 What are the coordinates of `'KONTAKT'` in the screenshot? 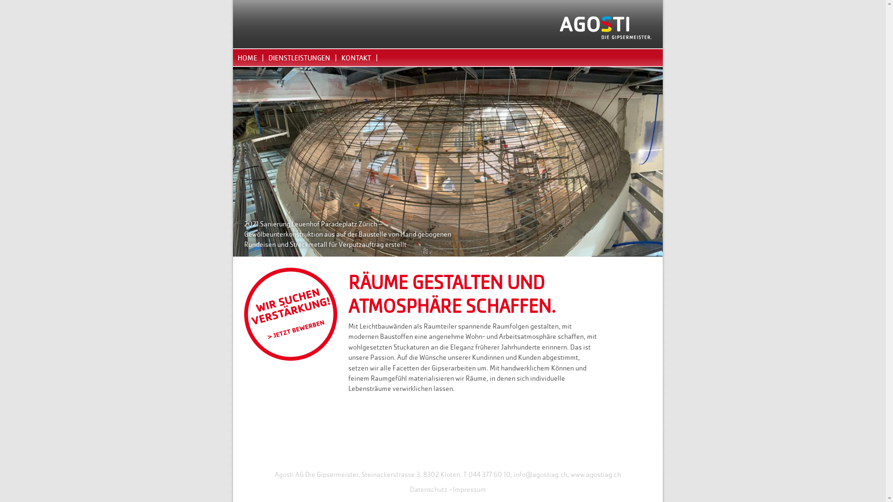 It's located at (357, 57).